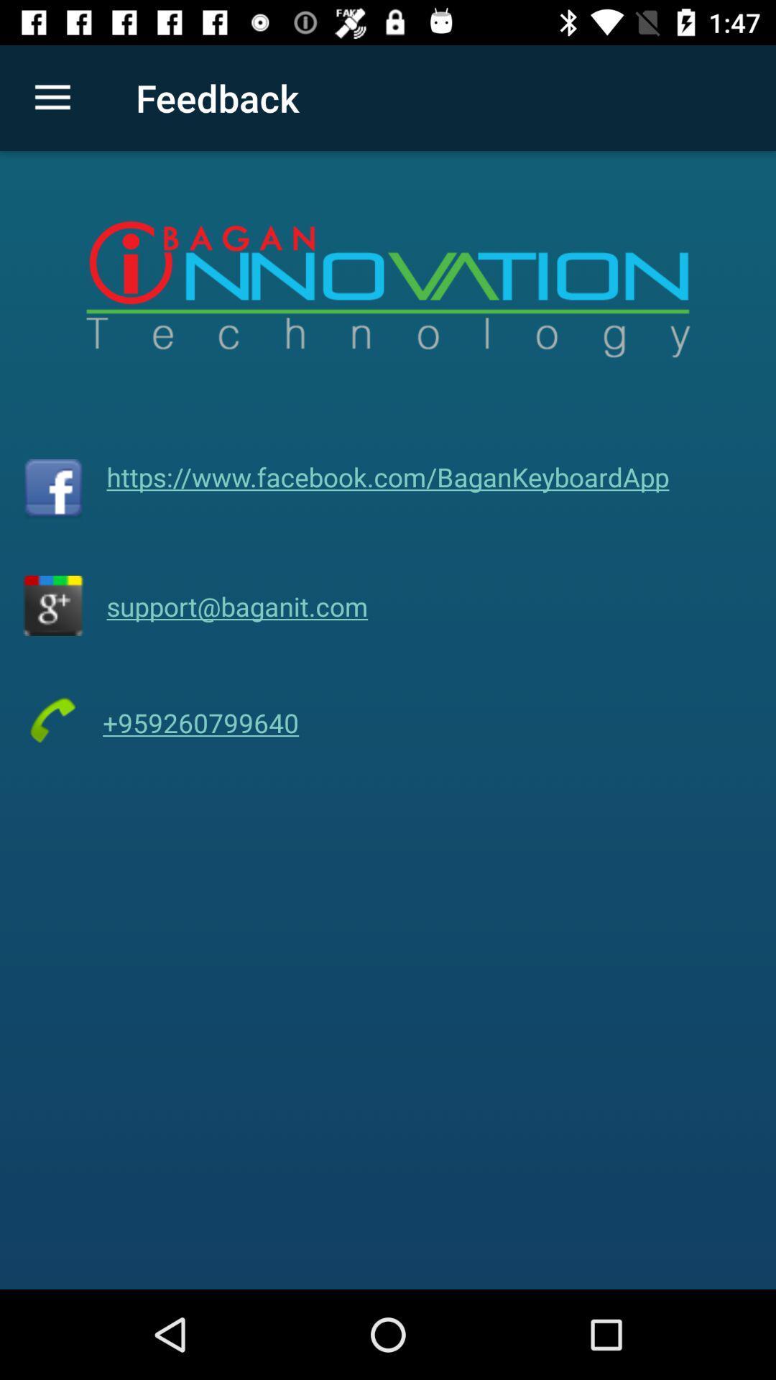 This screenshot has height=1380, width=776. Describe the element at coordinates (388, 477) in the screenshot. I see `the item above support@baganit.com item` at that location.